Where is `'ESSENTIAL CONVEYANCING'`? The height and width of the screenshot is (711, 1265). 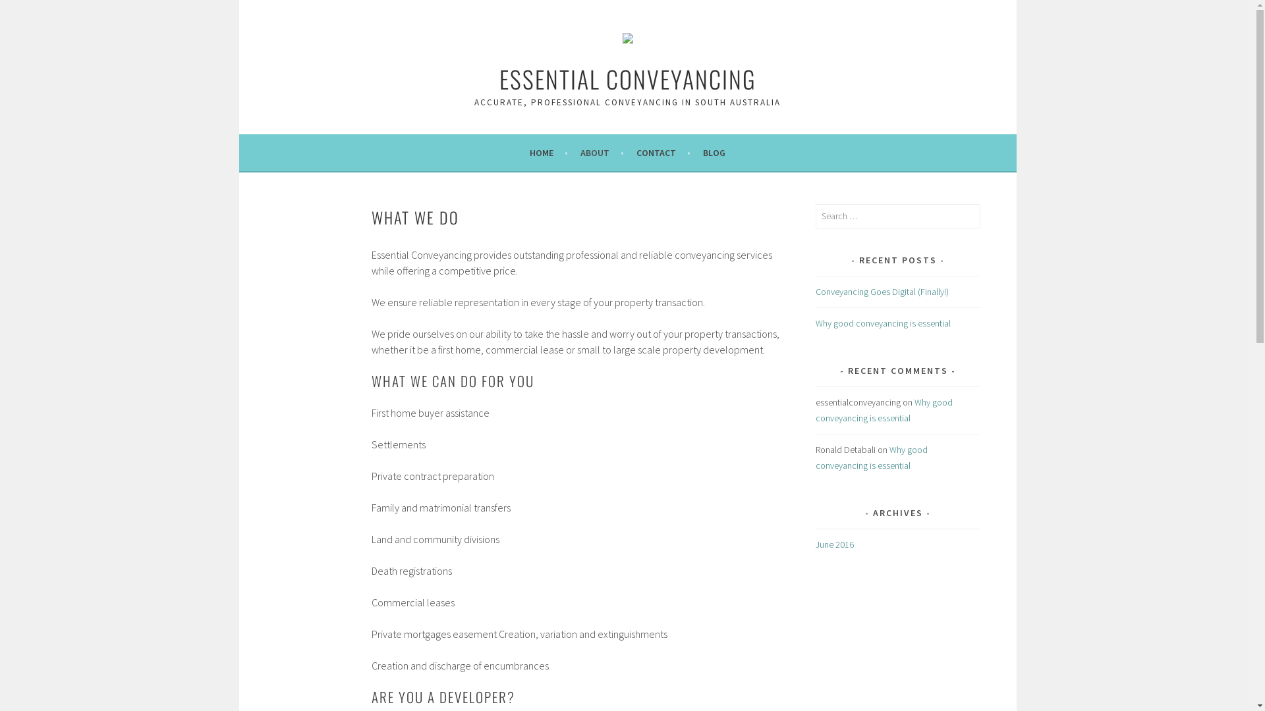 'ESSENTIAL CONVEYANCING' is located at coordinates (499, 78).